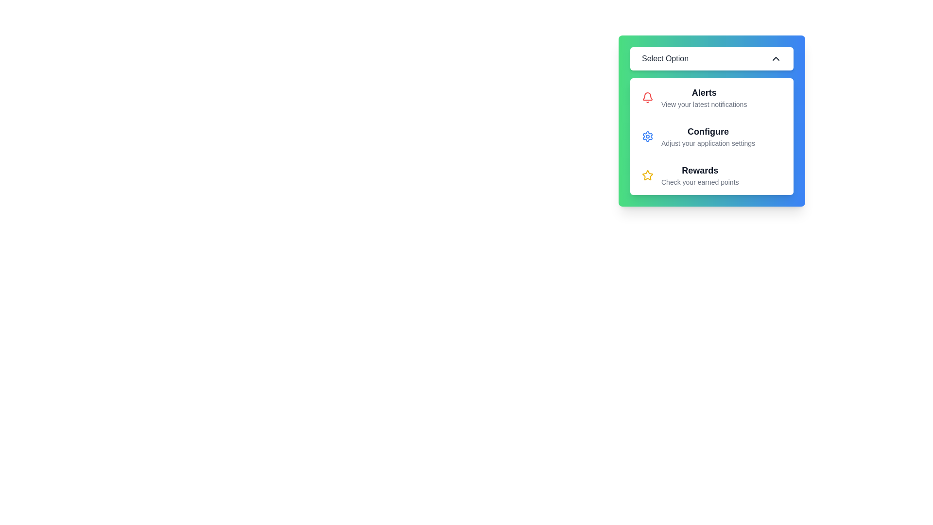 The width and height of the screenshot is (933, 525). Describe the element at coordinates (704, 97) in the screenshot. I see `the notification text label located directly below the 'Select Option' heading in the dropdown menu` at that location.